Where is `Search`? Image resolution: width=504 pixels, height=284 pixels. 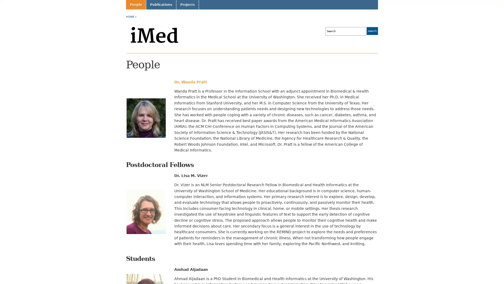 Search is located at coordinates (372, 31).